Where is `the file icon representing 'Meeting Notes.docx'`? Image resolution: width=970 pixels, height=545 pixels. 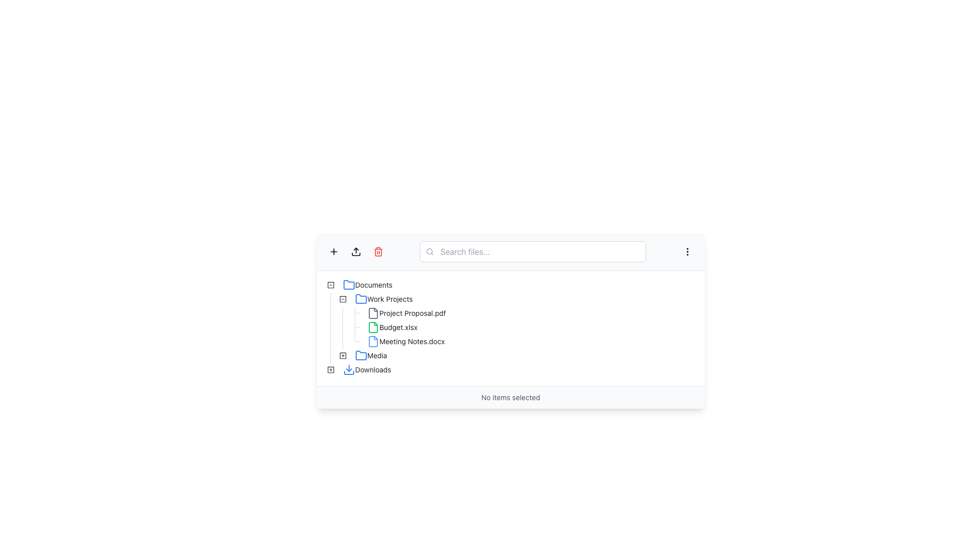 the file icon representing 'Meeting Notes.docx' is located at coordinates (373, 341).